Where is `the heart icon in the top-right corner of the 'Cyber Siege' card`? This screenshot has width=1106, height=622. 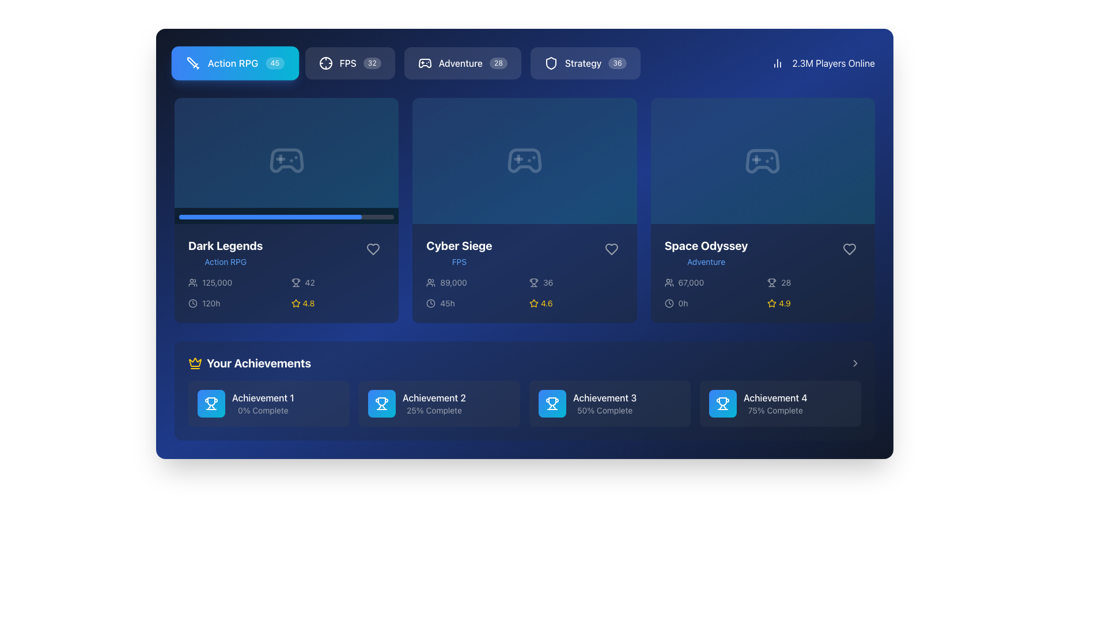 the heart icon in the top-right corner of the 'Cyber Siege' card is located at coordinates (611, 248).